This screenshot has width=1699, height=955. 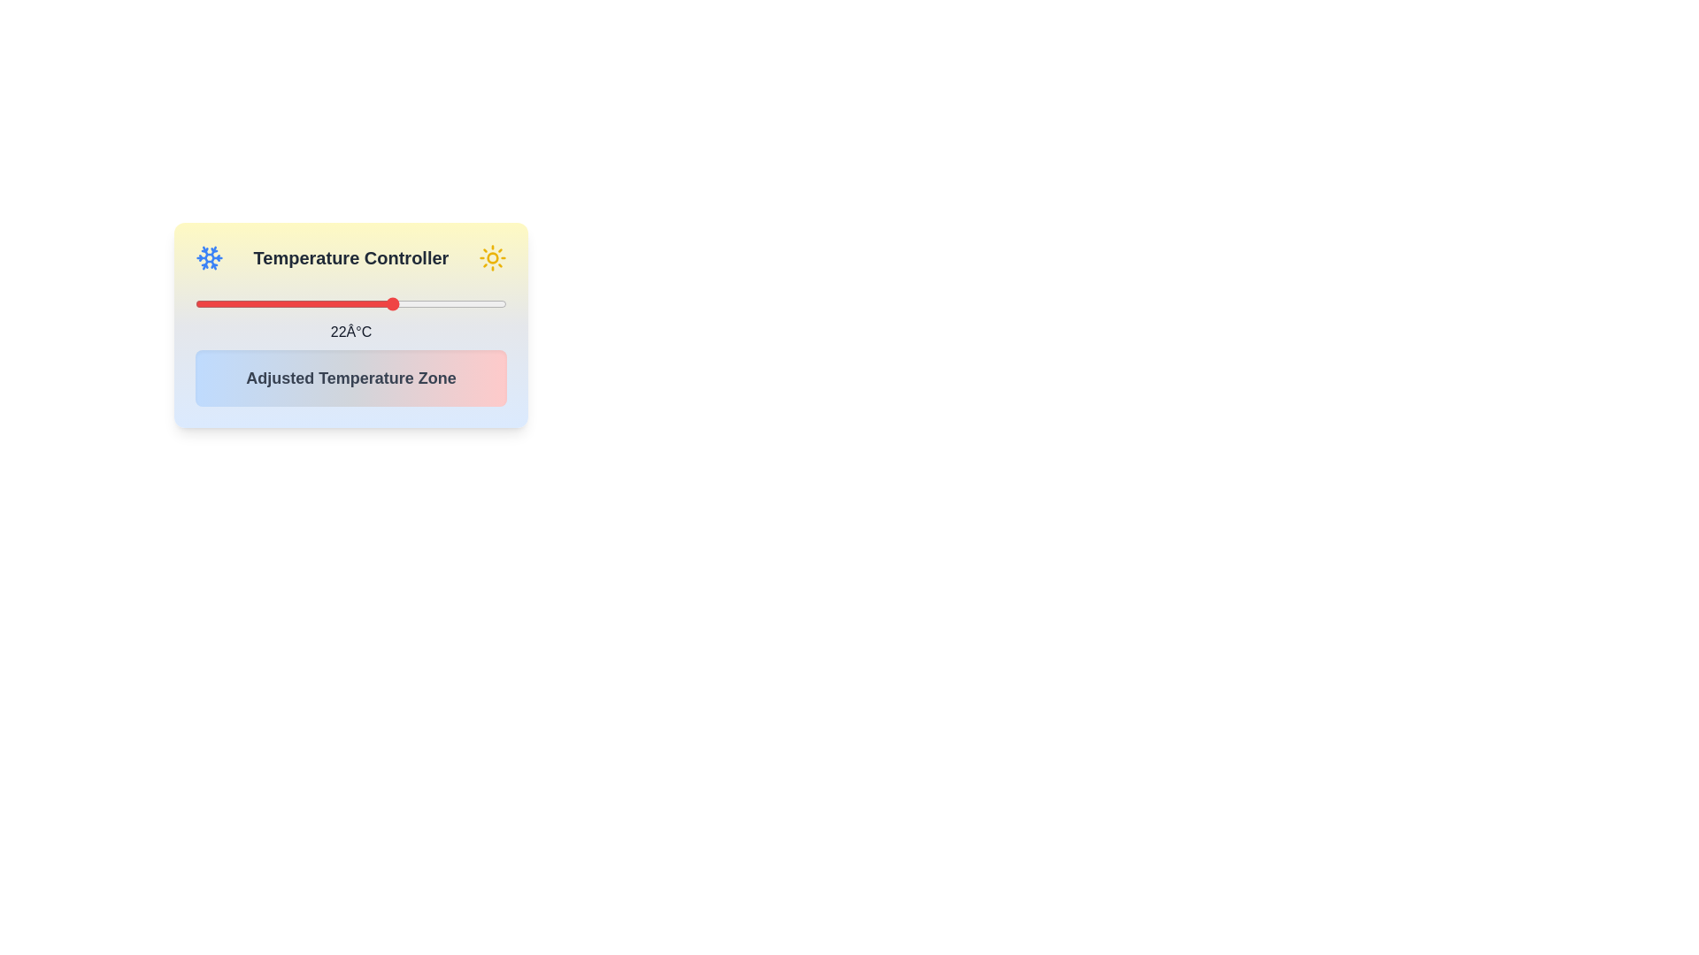 I want to click on the temperature slider, so click(x=313, y=302).